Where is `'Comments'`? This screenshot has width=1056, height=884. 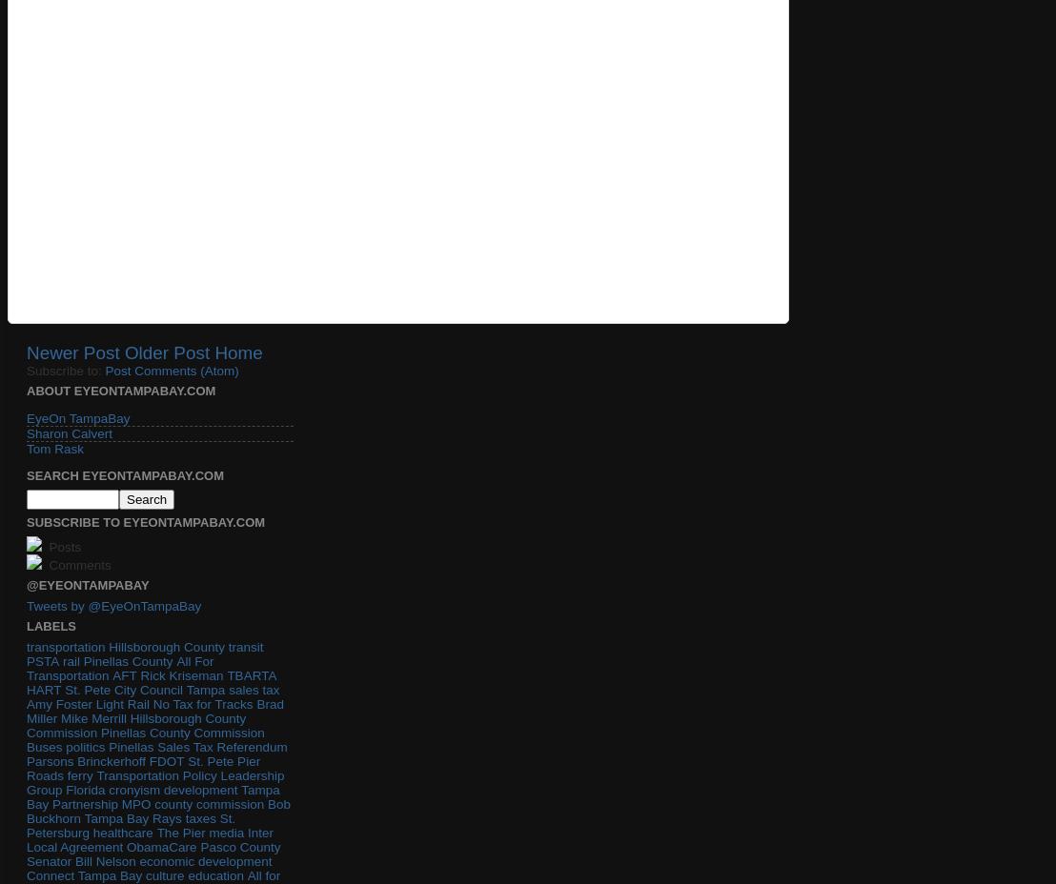
'Comments' is located at coordinates (76, 564).